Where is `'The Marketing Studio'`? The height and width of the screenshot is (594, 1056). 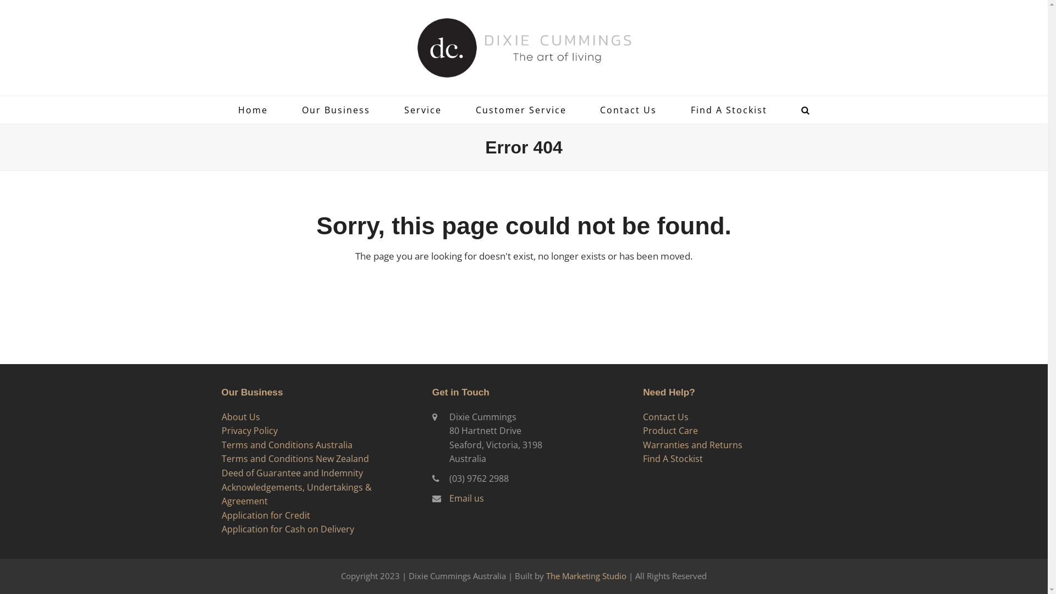
'The Marketing Studio' is located at coordinates (546, 575).